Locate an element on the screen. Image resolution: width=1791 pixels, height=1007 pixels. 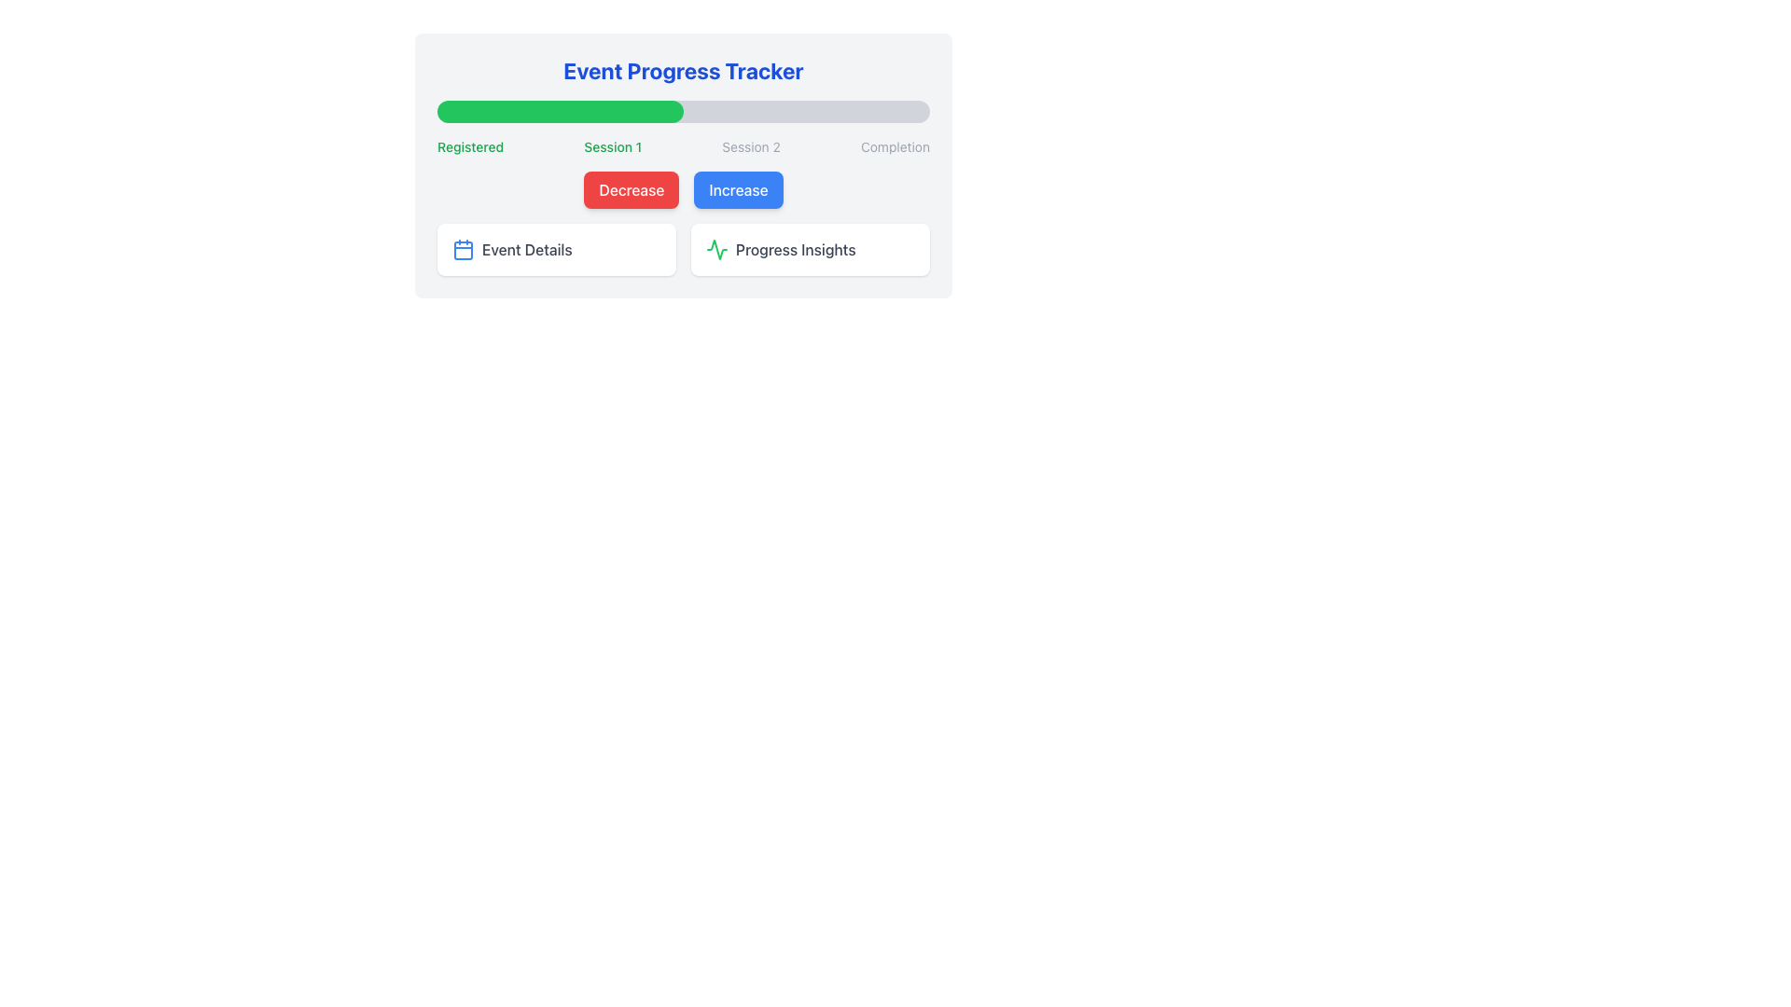
the left button designed to decrease a certain value, located in the top center of the interface is located at coordinates (632, 190).